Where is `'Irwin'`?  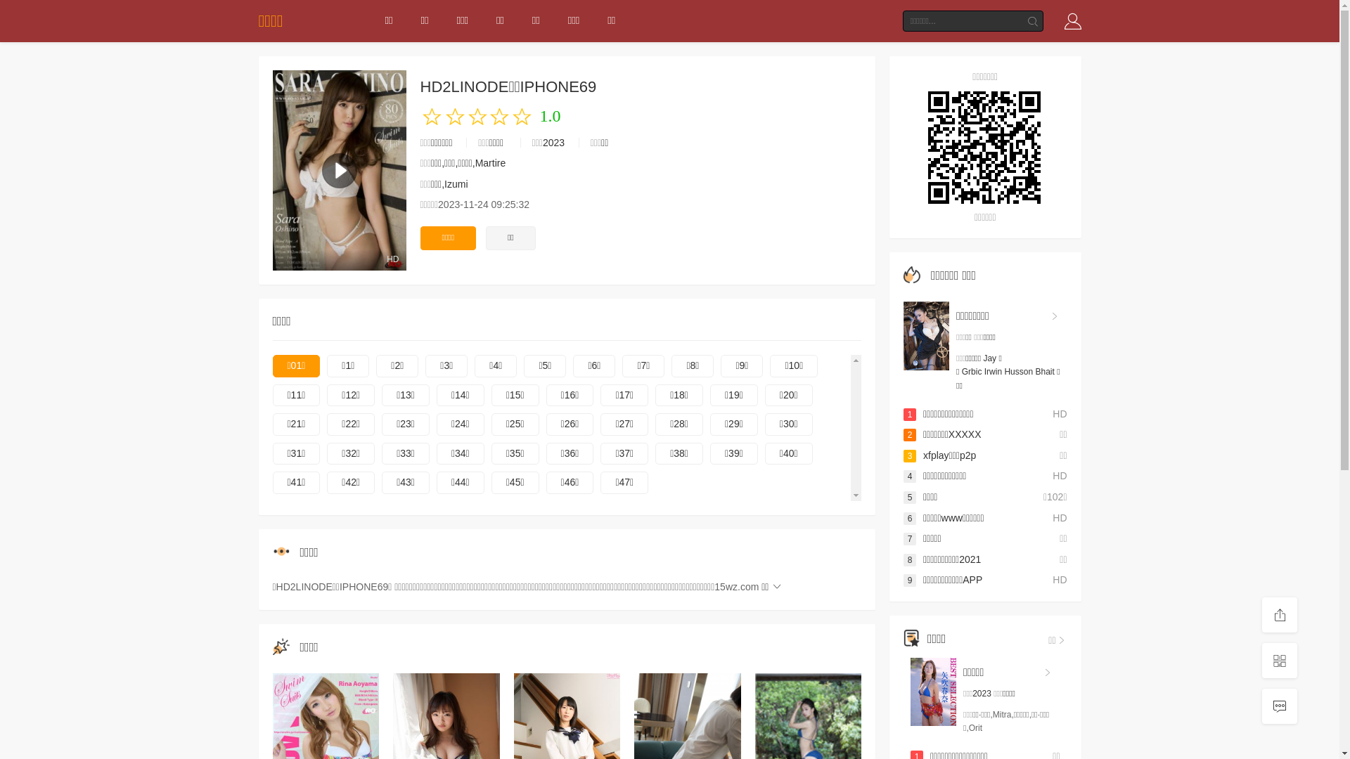 'Irwin' is located at coordinates (992, 370).